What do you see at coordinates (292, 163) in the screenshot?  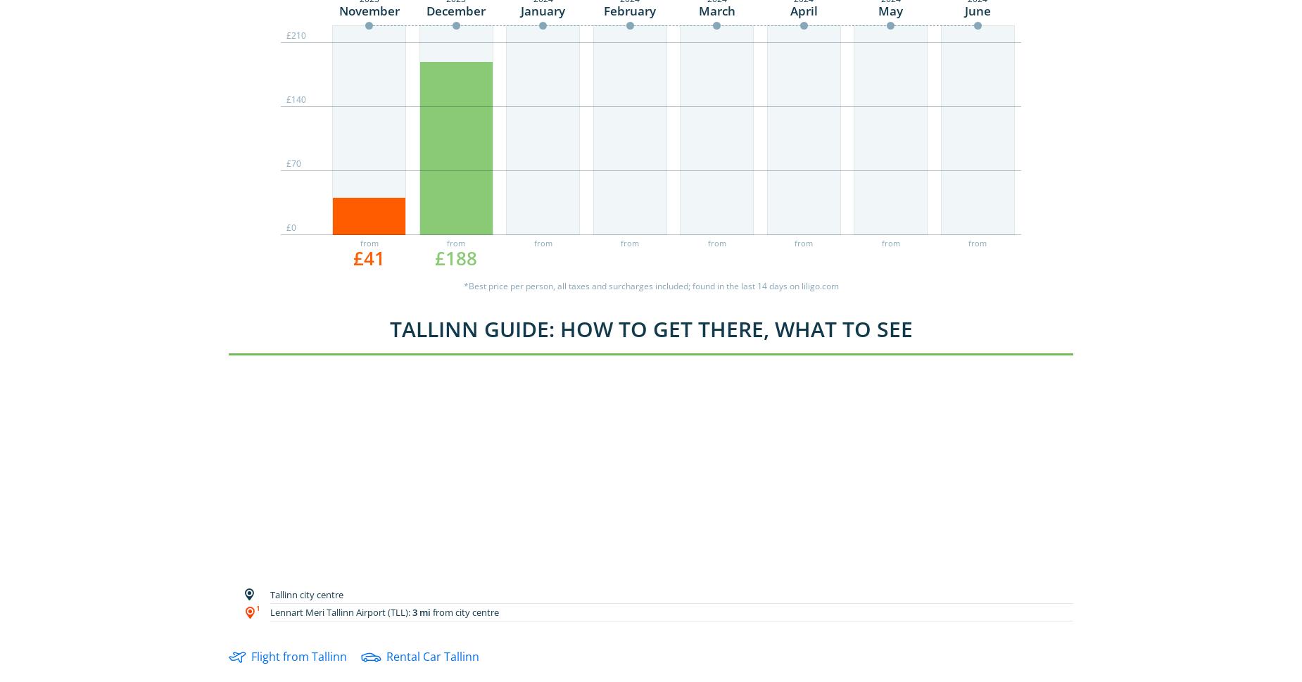 I see `'£70'` at bounding box center [292, 163].